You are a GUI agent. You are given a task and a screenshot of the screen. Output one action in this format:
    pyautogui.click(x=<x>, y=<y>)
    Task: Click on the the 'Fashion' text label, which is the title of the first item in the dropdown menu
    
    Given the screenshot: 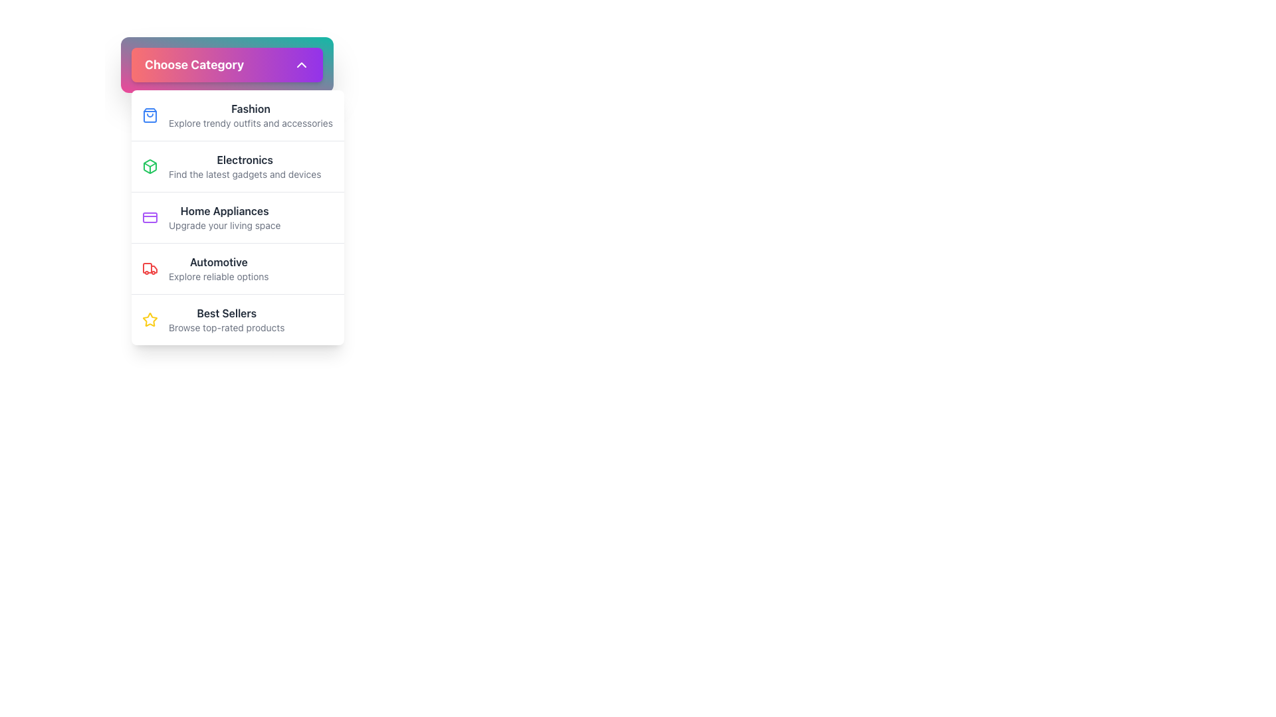 What is the action you would take?
    pyautogui.click(x=251, y=108)
    